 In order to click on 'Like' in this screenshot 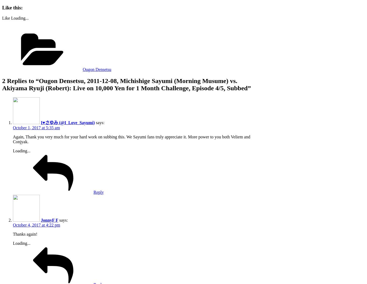, I will do `click(2, 18)`.